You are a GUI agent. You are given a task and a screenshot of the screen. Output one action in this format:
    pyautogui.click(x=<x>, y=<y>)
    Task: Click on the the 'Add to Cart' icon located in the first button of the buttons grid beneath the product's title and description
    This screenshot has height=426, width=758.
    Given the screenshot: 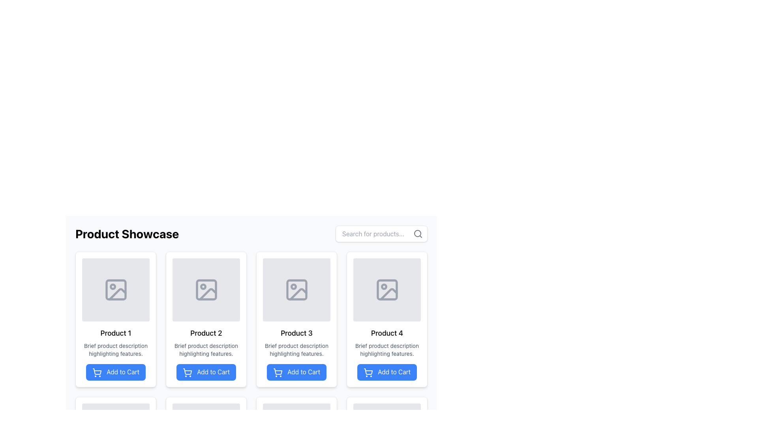 What is the action you would take?
    pyautogui.click(x=96, y=372)
    